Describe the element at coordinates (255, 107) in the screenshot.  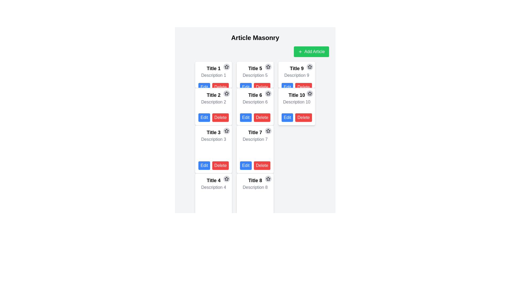
I see `the card component located in the sixth position of the grid layout` at that location.